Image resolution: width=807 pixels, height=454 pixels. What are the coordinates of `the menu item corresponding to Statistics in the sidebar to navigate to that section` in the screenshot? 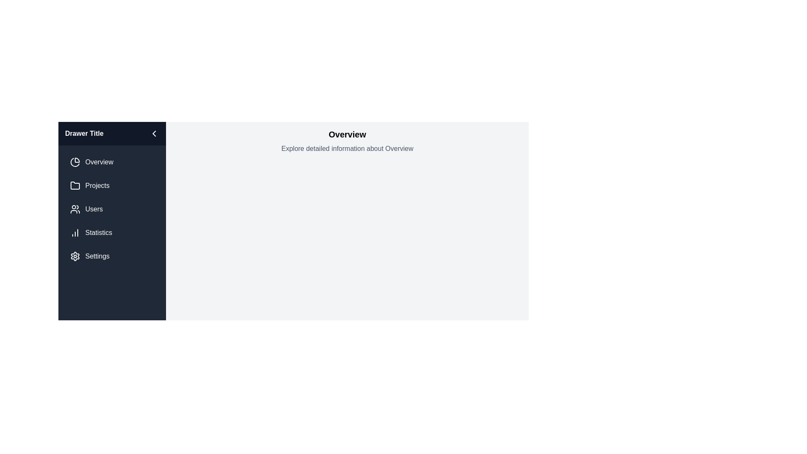 It's located at (112, 233).